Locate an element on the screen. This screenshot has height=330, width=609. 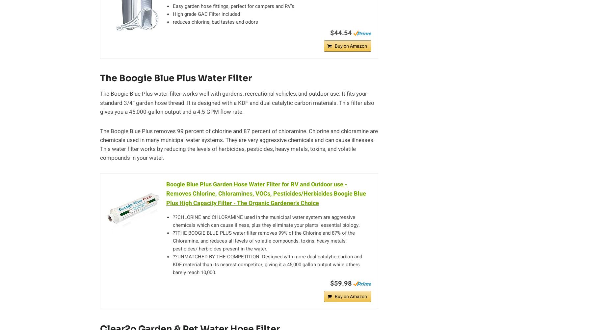
'Easy garden hose fittings, perfect for campers and RV's' is located at coordinates (233, 6).